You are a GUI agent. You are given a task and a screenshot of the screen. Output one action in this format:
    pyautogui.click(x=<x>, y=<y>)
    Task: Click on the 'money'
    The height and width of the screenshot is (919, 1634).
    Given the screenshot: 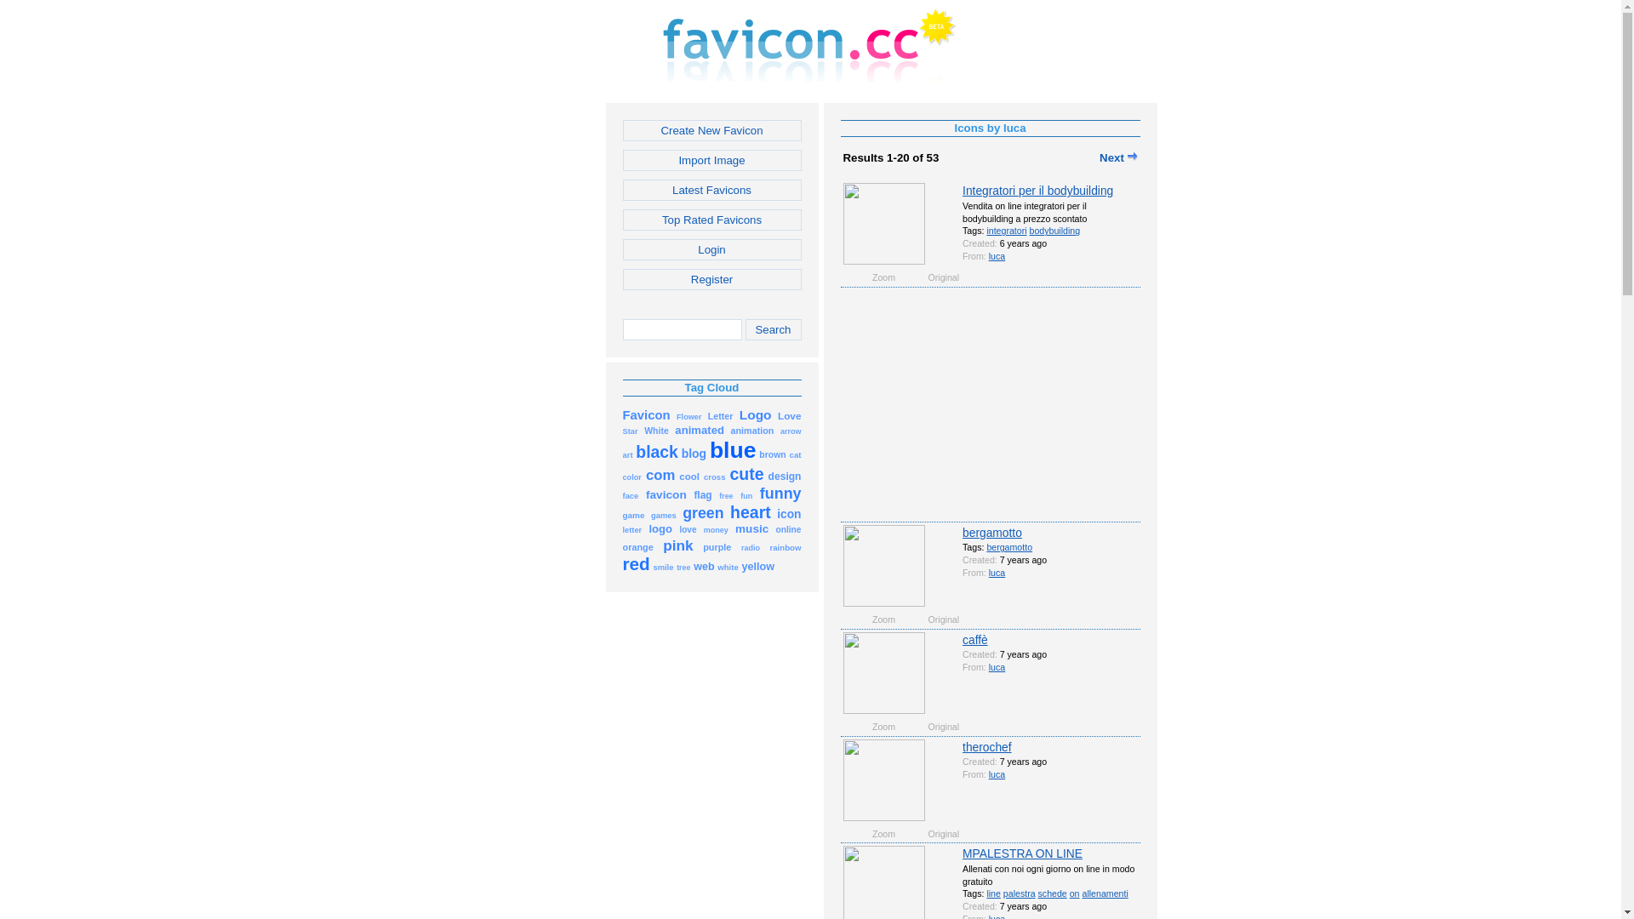 What is the action you would take?
    pyautogui.click(x=716, y=528)
    